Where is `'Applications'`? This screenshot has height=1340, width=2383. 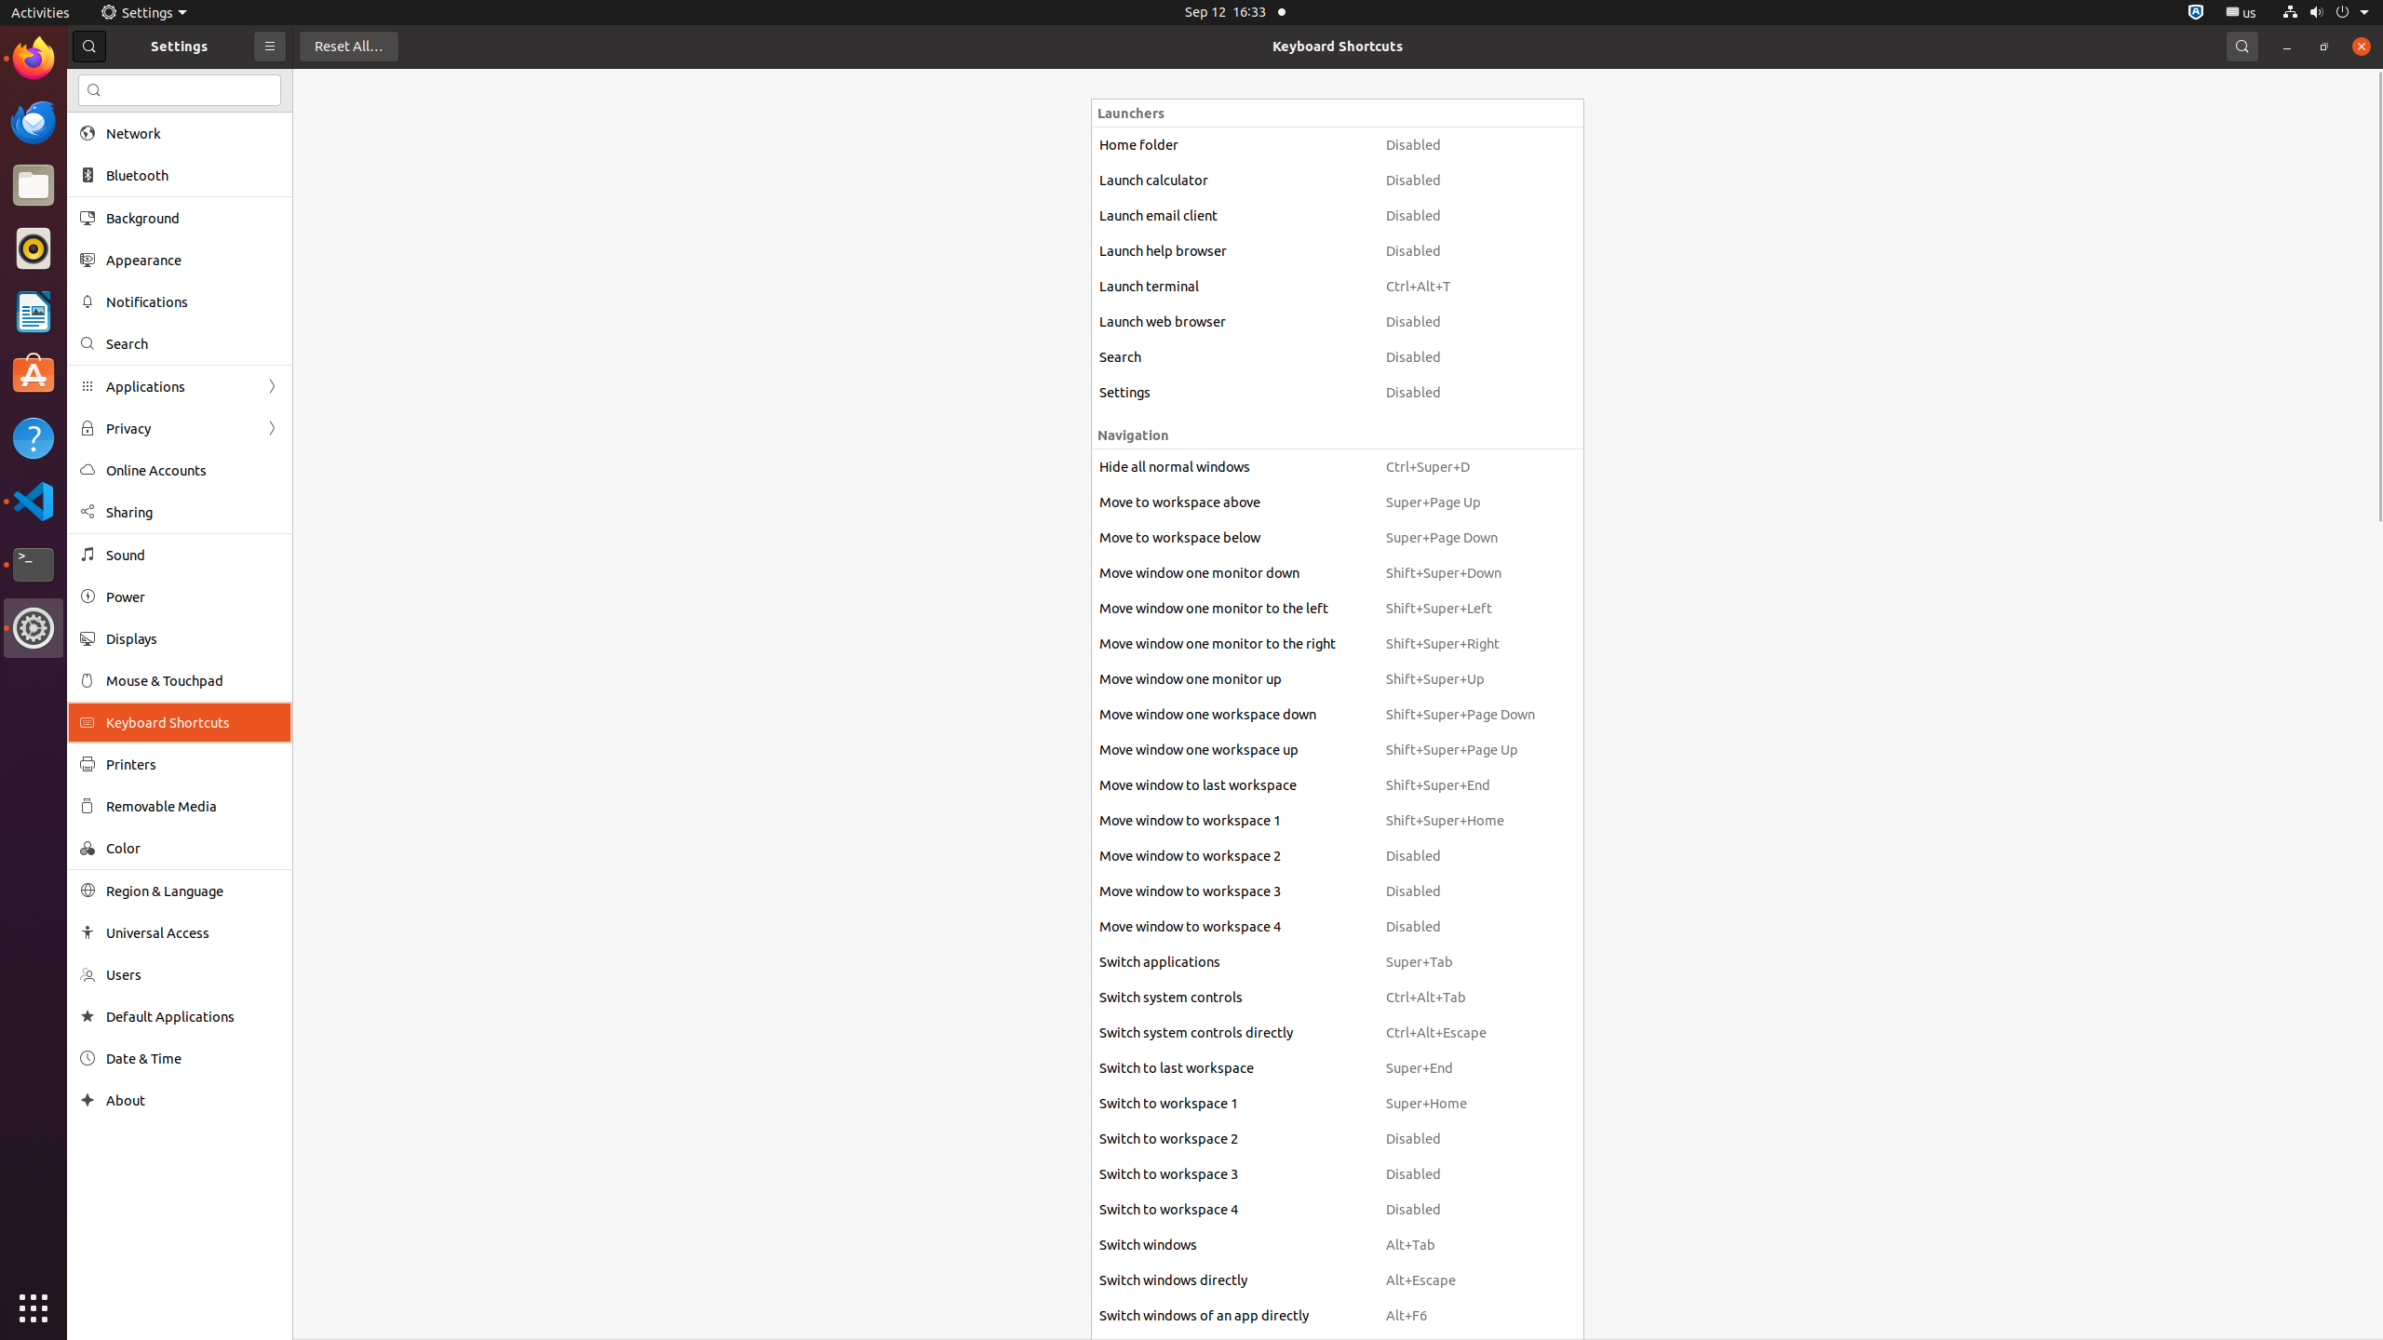
'Applications' is located at coordinates (179, 385).